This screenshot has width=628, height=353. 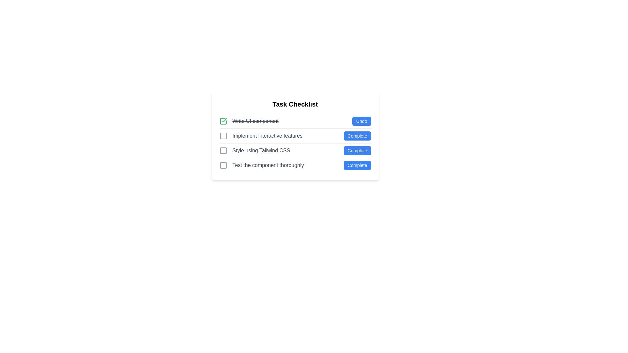 I want to click on SVG graphic representing a status or selection marker in the task checklist by clicking on its center point, so click(x=223, y=136).